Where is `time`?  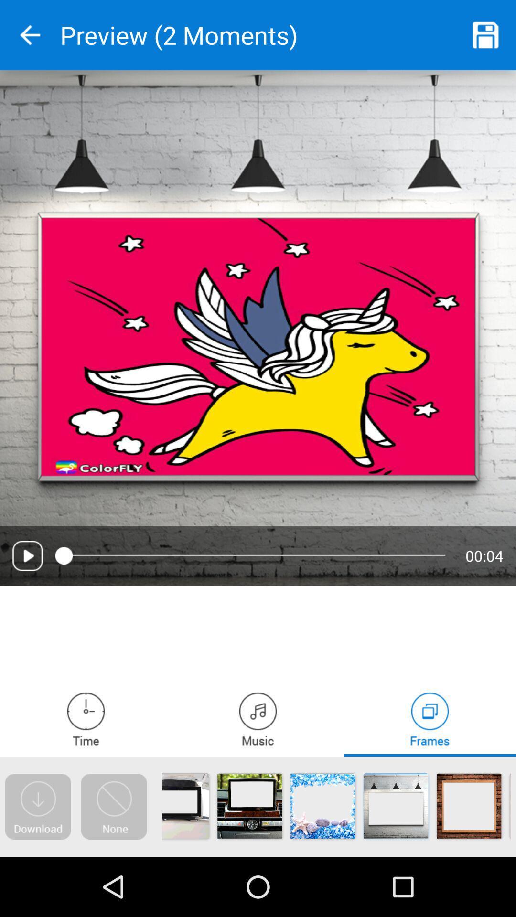 time is located at coordinates (86, 719).